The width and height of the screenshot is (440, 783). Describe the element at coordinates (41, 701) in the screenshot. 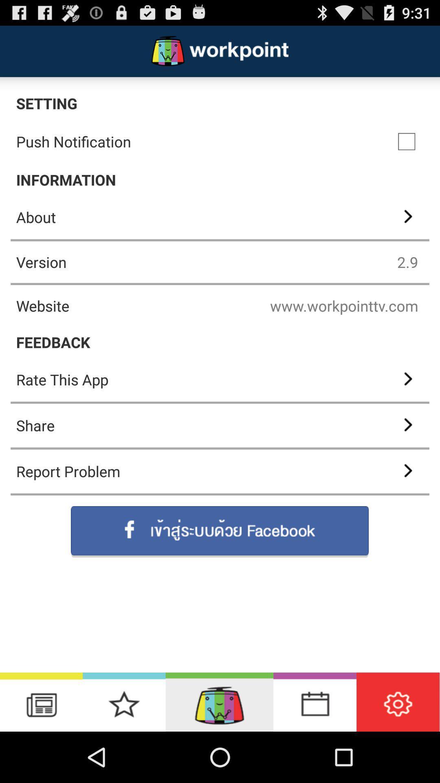

I see `open news feed` at that location.